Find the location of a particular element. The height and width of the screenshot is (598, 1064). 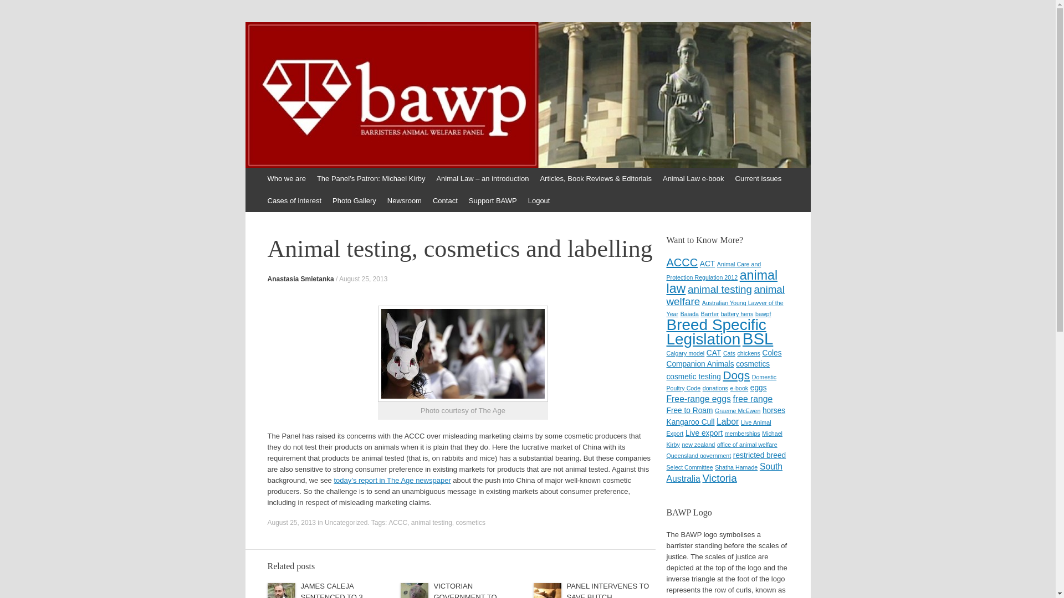

'ACT' is located at coordinates (707, 264).